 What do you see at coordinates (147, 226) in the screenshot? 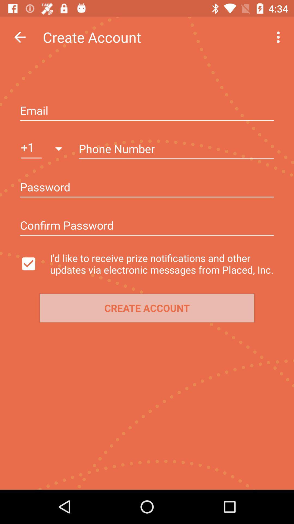
I see `password` at bounding box center [147, 226].